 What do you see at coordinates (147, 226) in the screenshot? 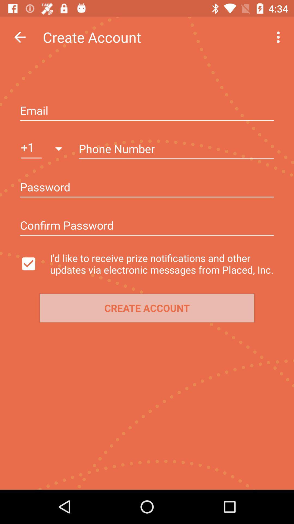
I see `password` at bounding box center [147, 226].